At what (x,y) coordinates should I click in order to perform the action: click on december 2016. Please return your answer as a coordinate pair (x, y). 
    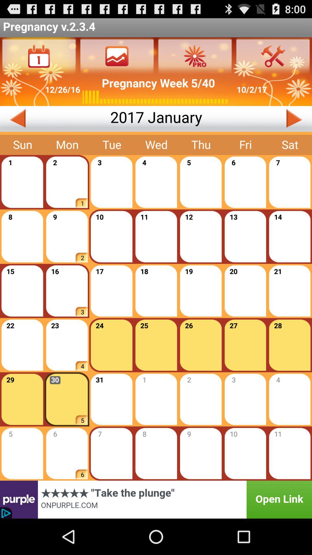
    Looking at the image, I should click on (55, 119).